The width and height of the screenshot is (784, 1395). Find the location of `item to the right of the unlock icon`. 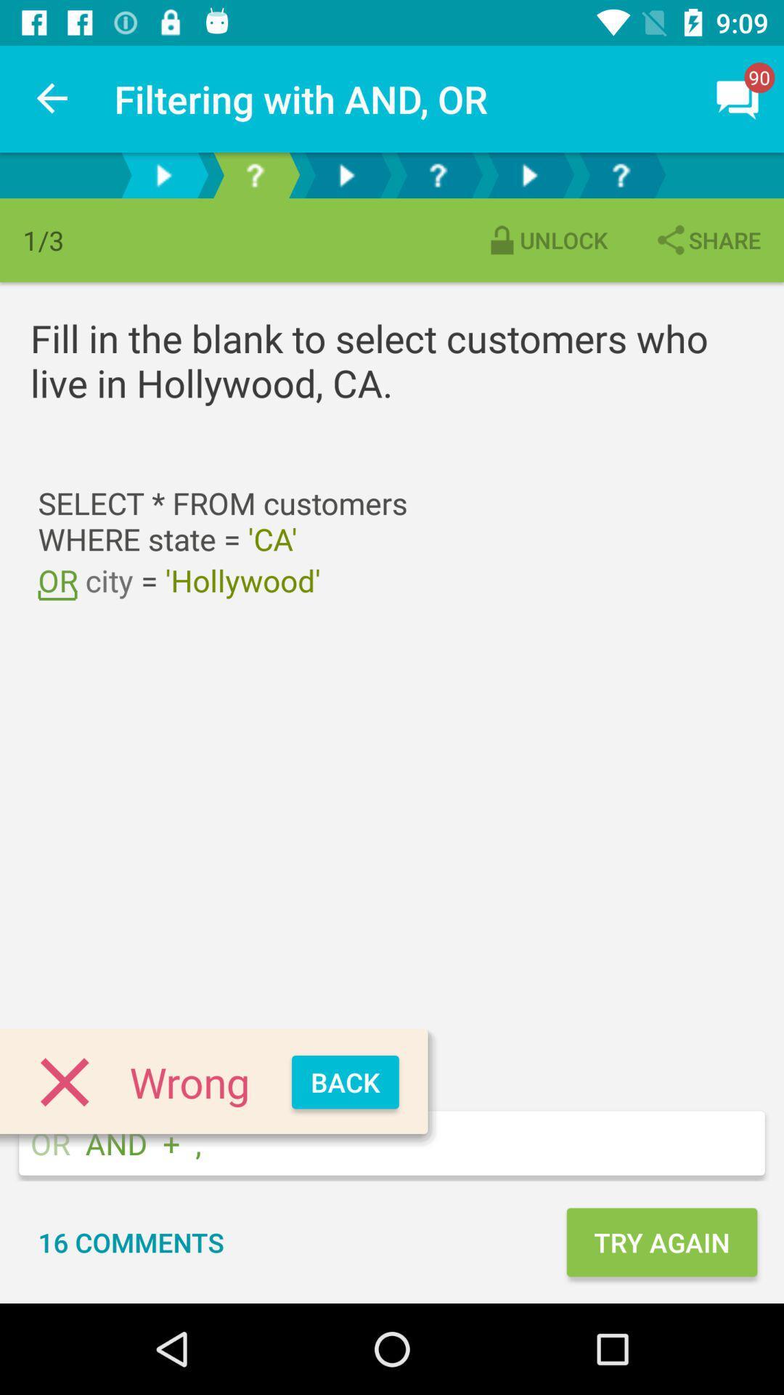

item to the right of the unlock icon is located at coordinates (706, 240).